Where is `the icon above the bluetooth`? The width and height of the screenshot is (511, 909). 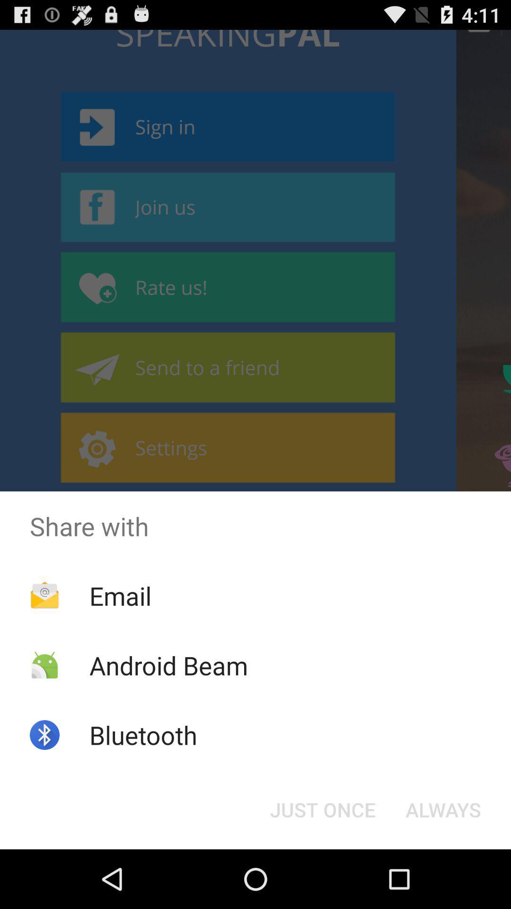 the icon above the bluetooth is located at coordinates (168, 665).